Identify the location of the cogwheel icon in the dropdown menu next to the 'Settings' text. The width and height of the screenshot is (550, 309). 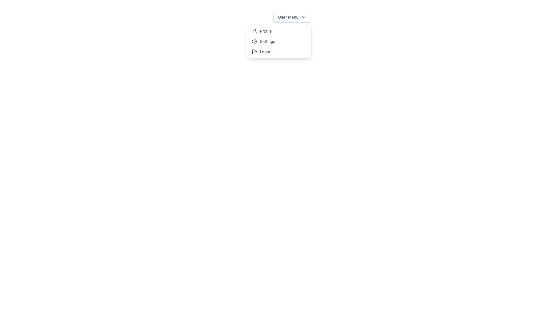
(254, 41).